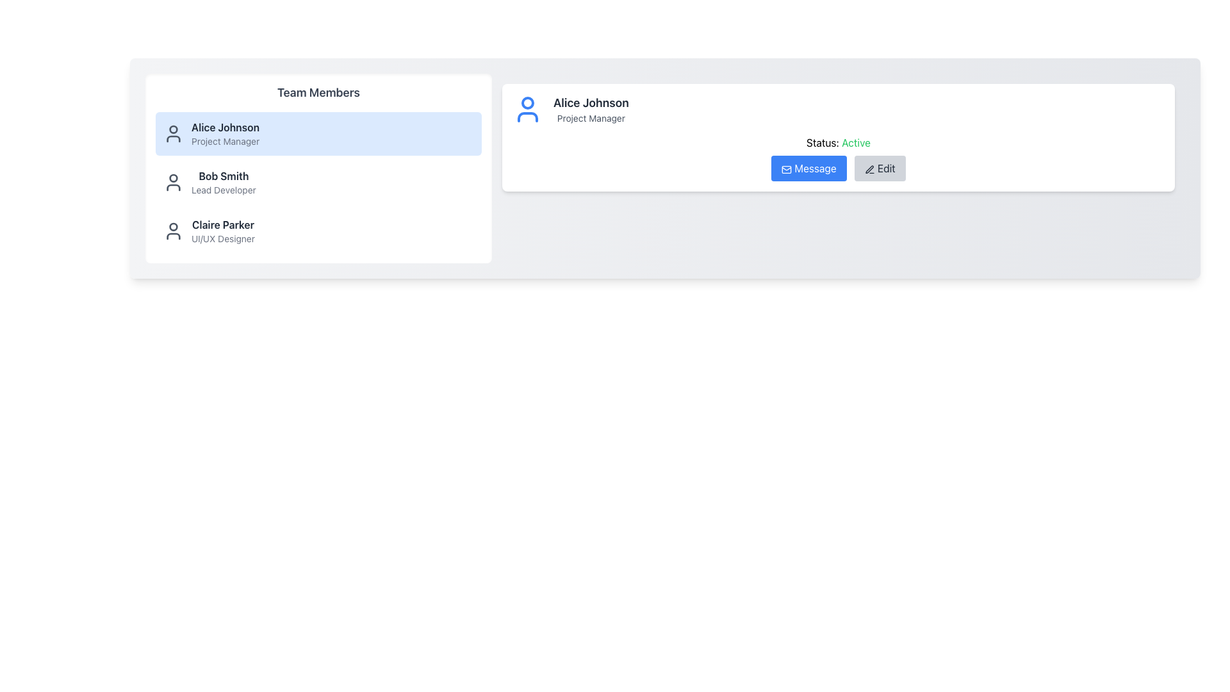 This screenshot has width=1230, height=692. I want to click on the 'Edit' button, which contains a pen icon styled with a thin black outline, so click(869, 169).